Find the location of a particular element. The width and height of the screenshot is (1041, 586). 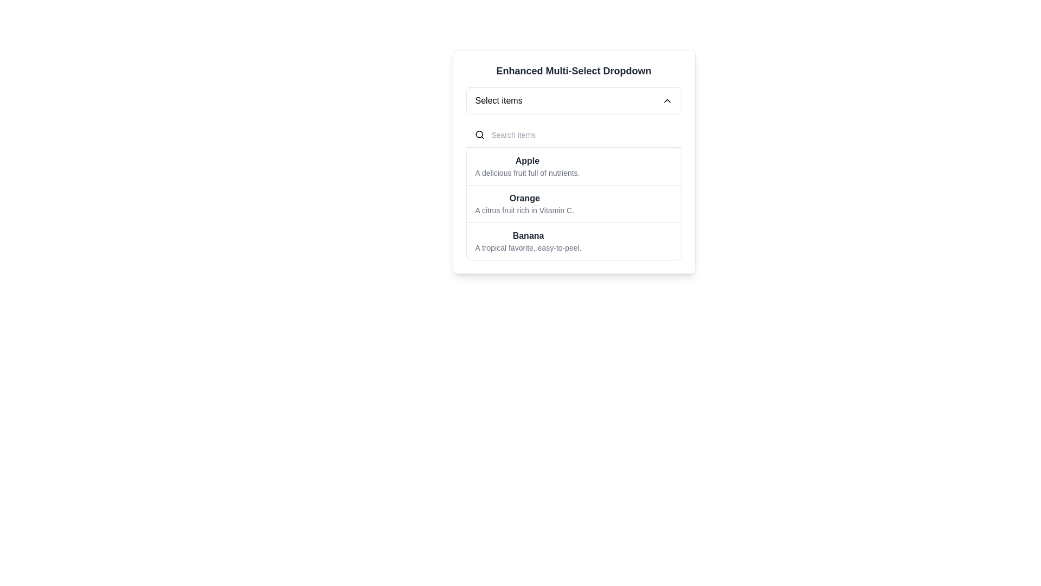

the selectable option in the dropdown menu that provides information about 'Apple', located directly below the 'Search items' field is located at coordinates (528, 167).